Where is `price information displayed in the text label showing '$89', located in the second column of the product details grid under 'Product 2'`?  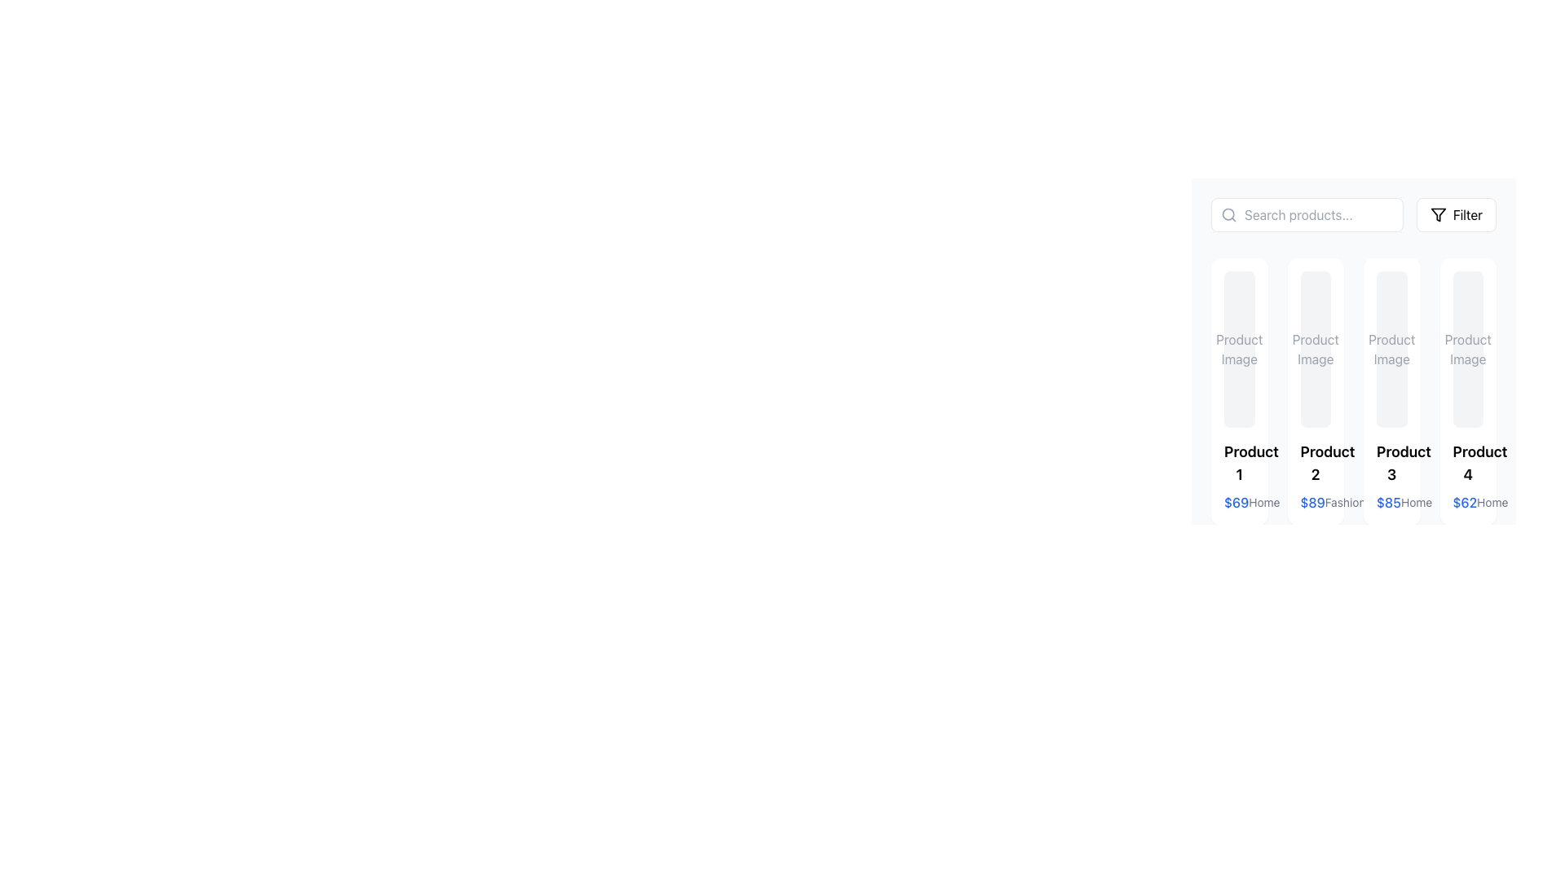
price information displayed in the text label showing '$89', located in the second column of the product details grid under 'Product 2' is located at coordinates (1312, 502).